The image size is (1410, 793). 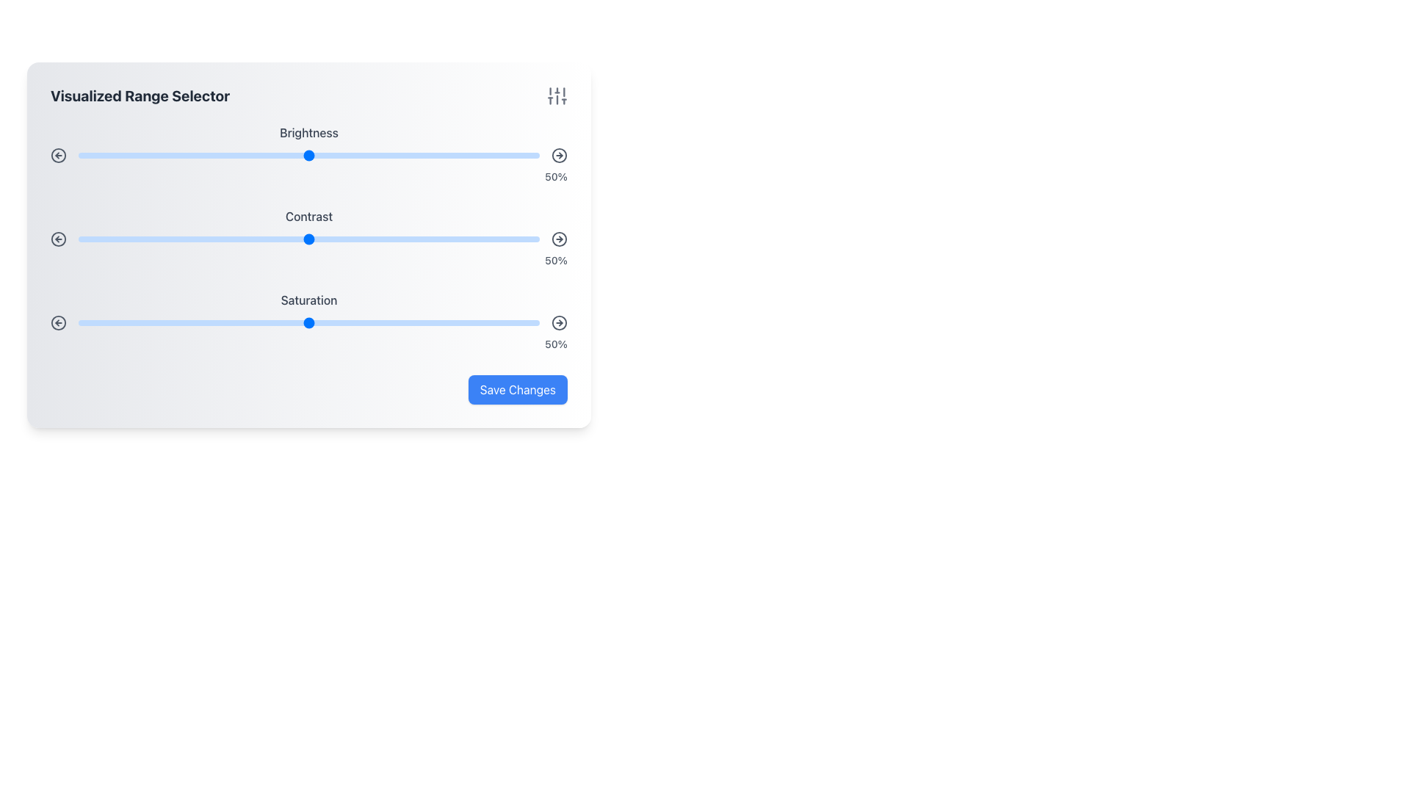 I want to click on the slider value, so click(x=331, y=322).